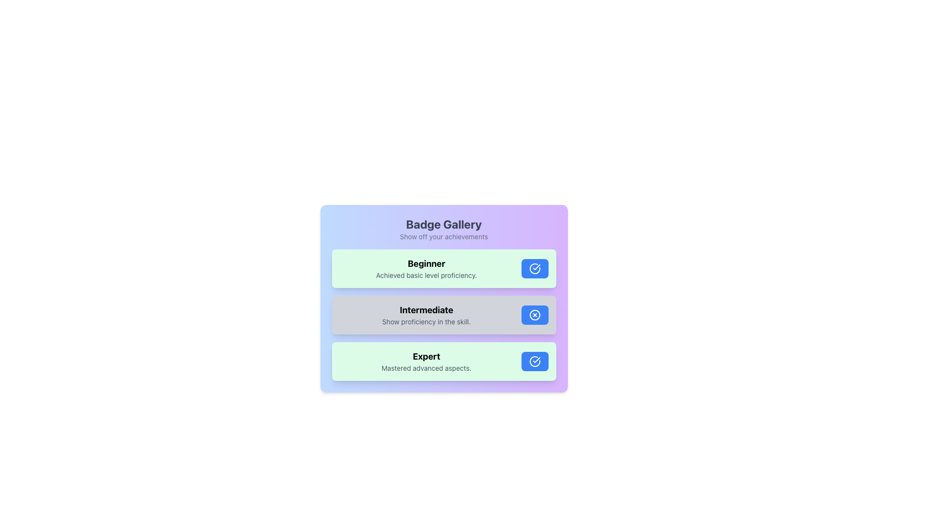 This screenshot has height=522, width=928. What do you see at coordinates (426, 368) in the screenshot?
I see `the small text block styled with a small font size and gray color that contains the text 'Mastered advanced aspects.' located under the bolded title 'Expert' within a greenish rectangular section` at bounding box center [426, 368].